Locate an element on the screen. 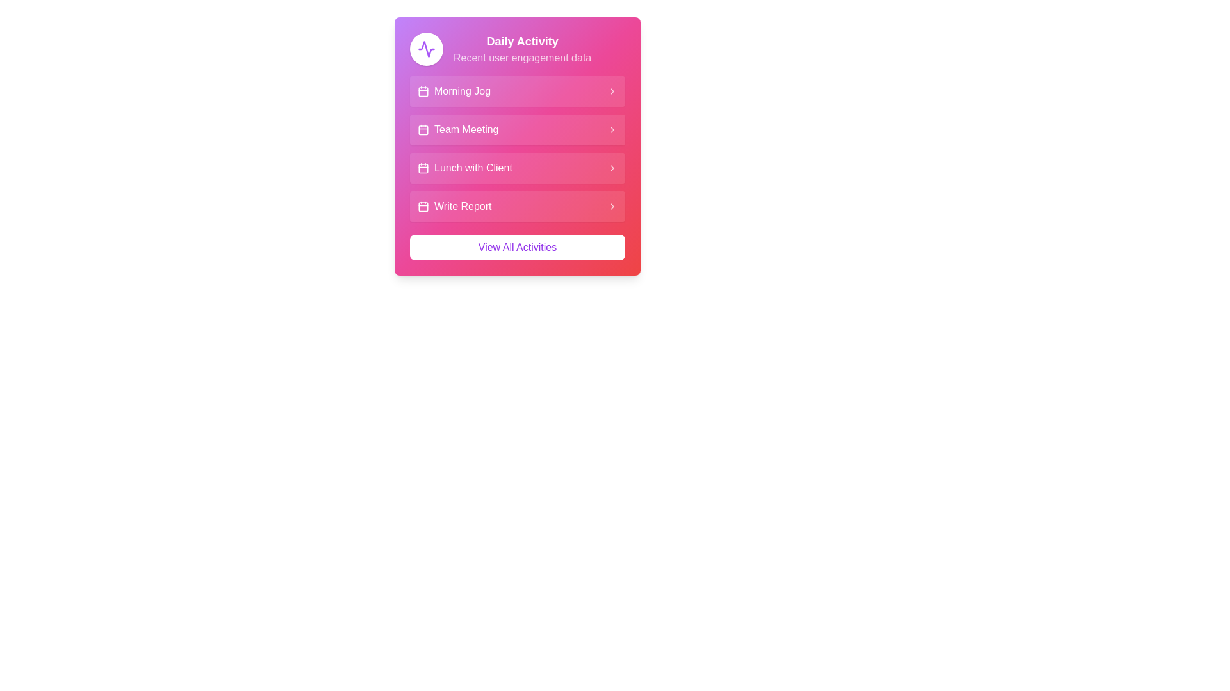  the 'Morning Jog' text label, which is displayed in white font against a pink background, located within the 'Daily Activity' section at the top center of the layout is located at coordinates (462, 90).